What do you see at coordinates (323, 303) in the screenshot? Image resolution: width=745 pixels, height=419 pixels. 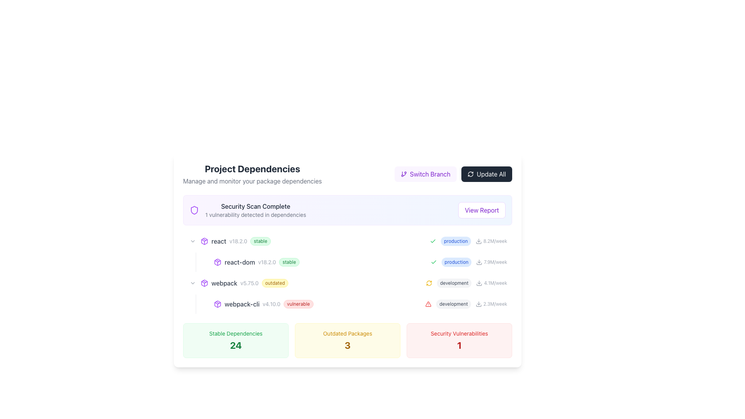 I see `information displayed on the Label which includes 'webpack-cli', 'v4.10.0', and a red 'vulnerable' tag` at bounding box center [323, 303].